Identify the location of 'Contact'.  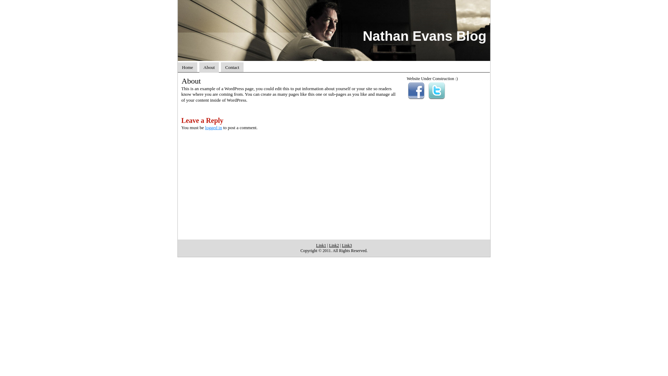
(232, 67).